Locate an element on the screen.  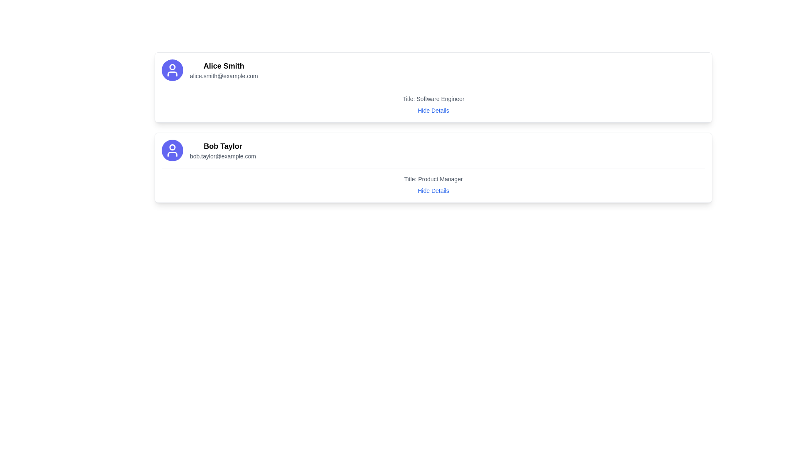
the static text field displaying the email address 'bob.taylor@example.com' located below 'Bob Taylor' in the second user card is located at coordinates (223, 156).